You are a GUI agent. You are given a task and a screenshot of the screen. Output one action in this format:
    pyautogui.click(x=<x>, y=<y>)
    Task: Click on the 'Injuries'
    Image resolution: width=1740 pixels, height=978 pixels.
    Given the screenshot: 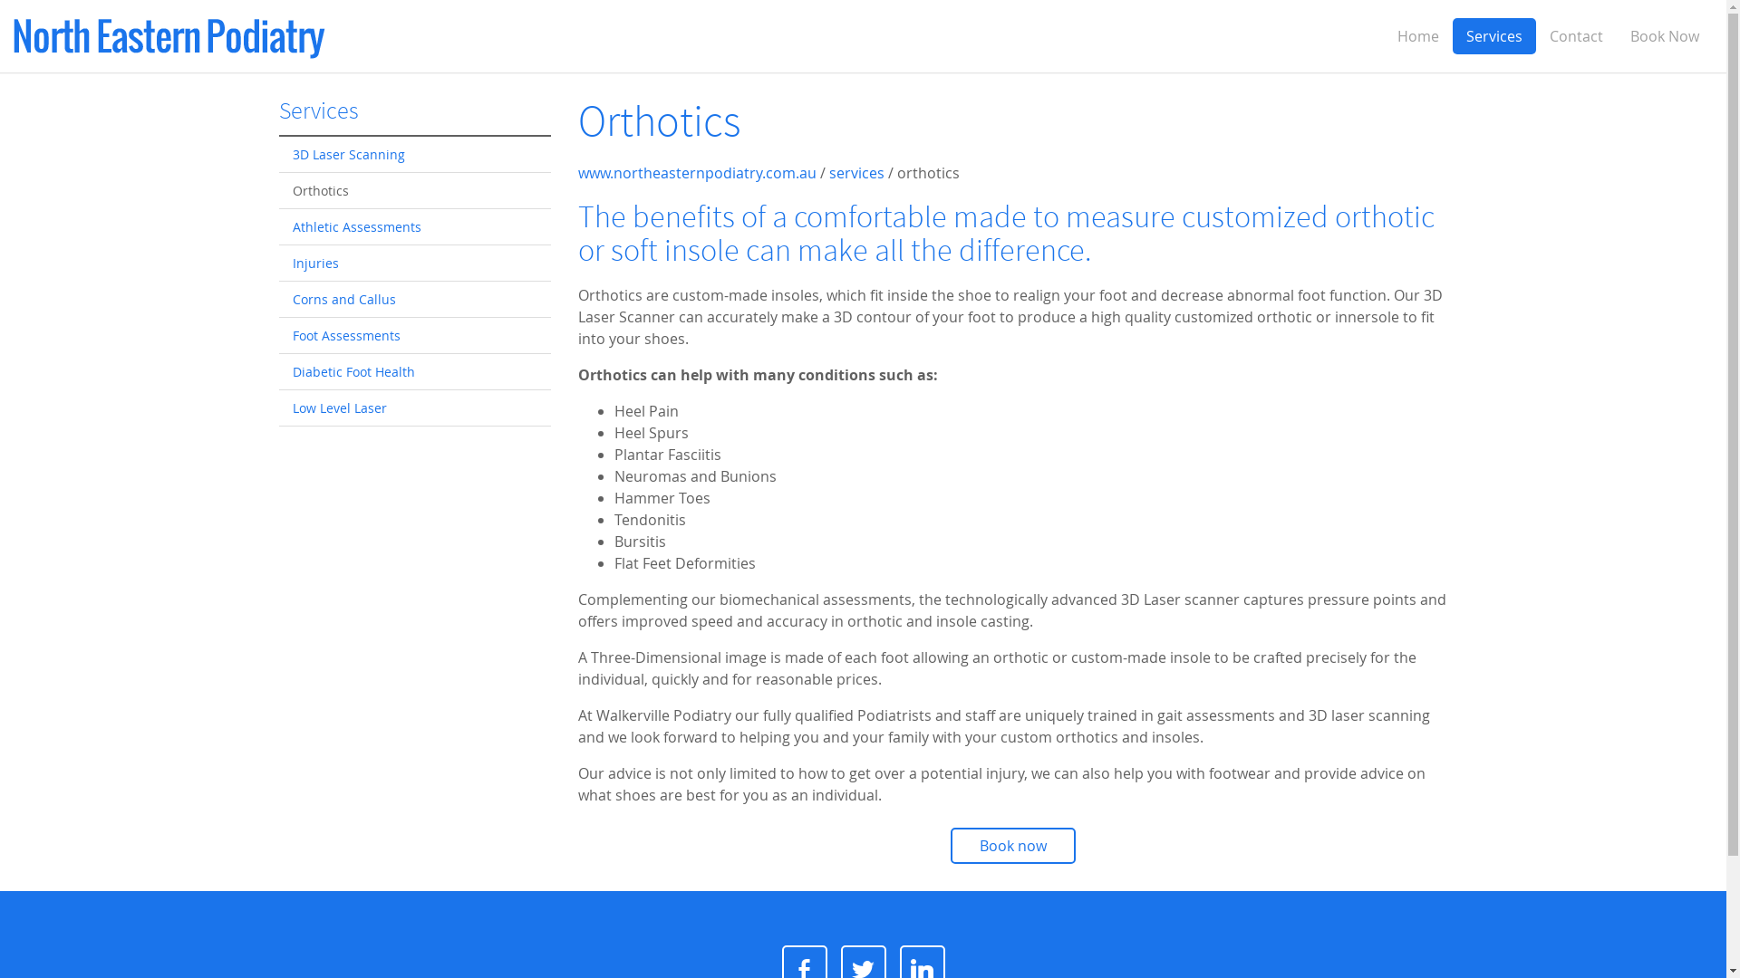 What is the action you would take?
    pyautogui.click(x=413, y=263)
    